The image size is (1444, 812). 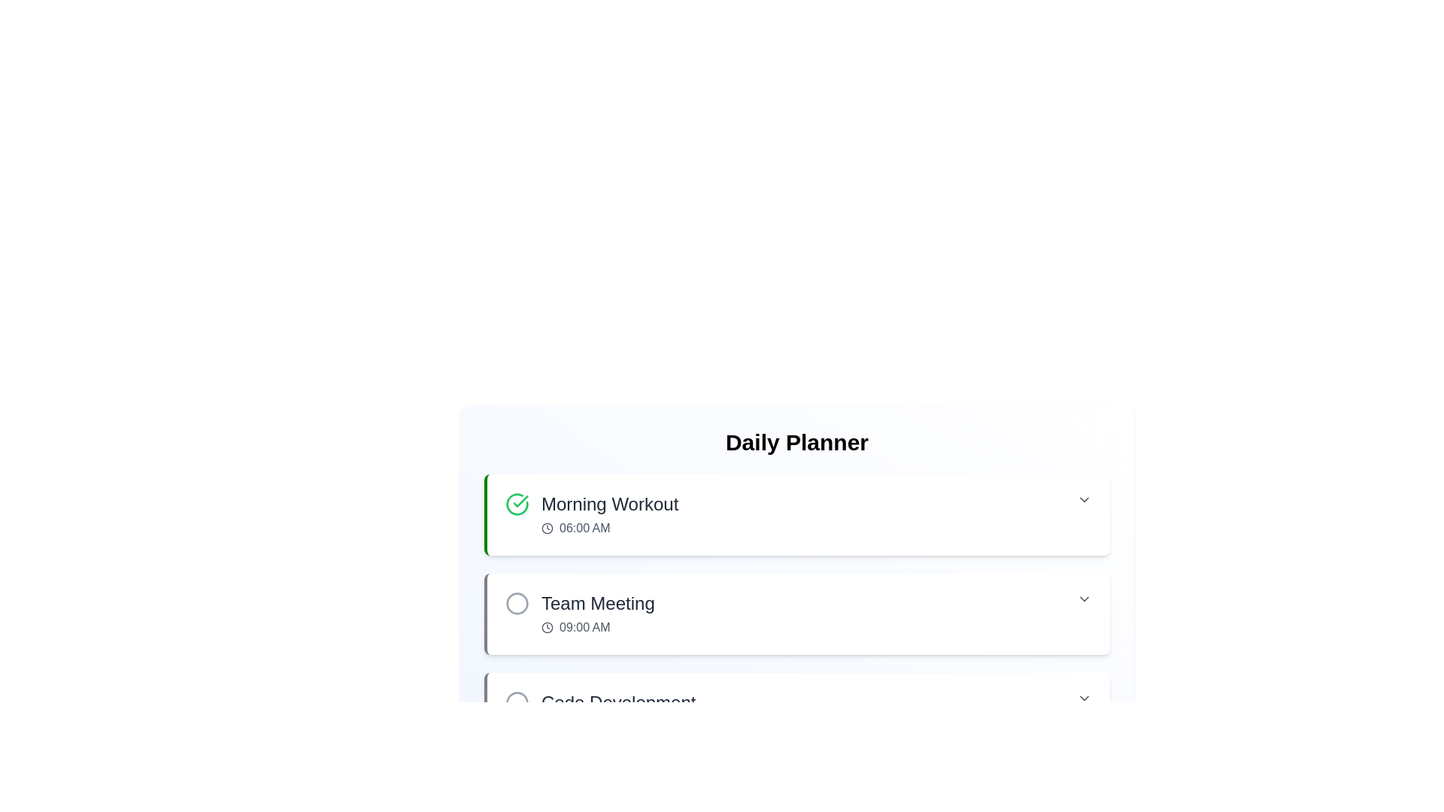 What do you see at coordinates (597, 627) in the screenshot?
I see `scheduled time displayed for the 'Team Meeting' event, which is shown in the text element located directly below the 'Team Meeting' header` at bounding box center [597, 627].